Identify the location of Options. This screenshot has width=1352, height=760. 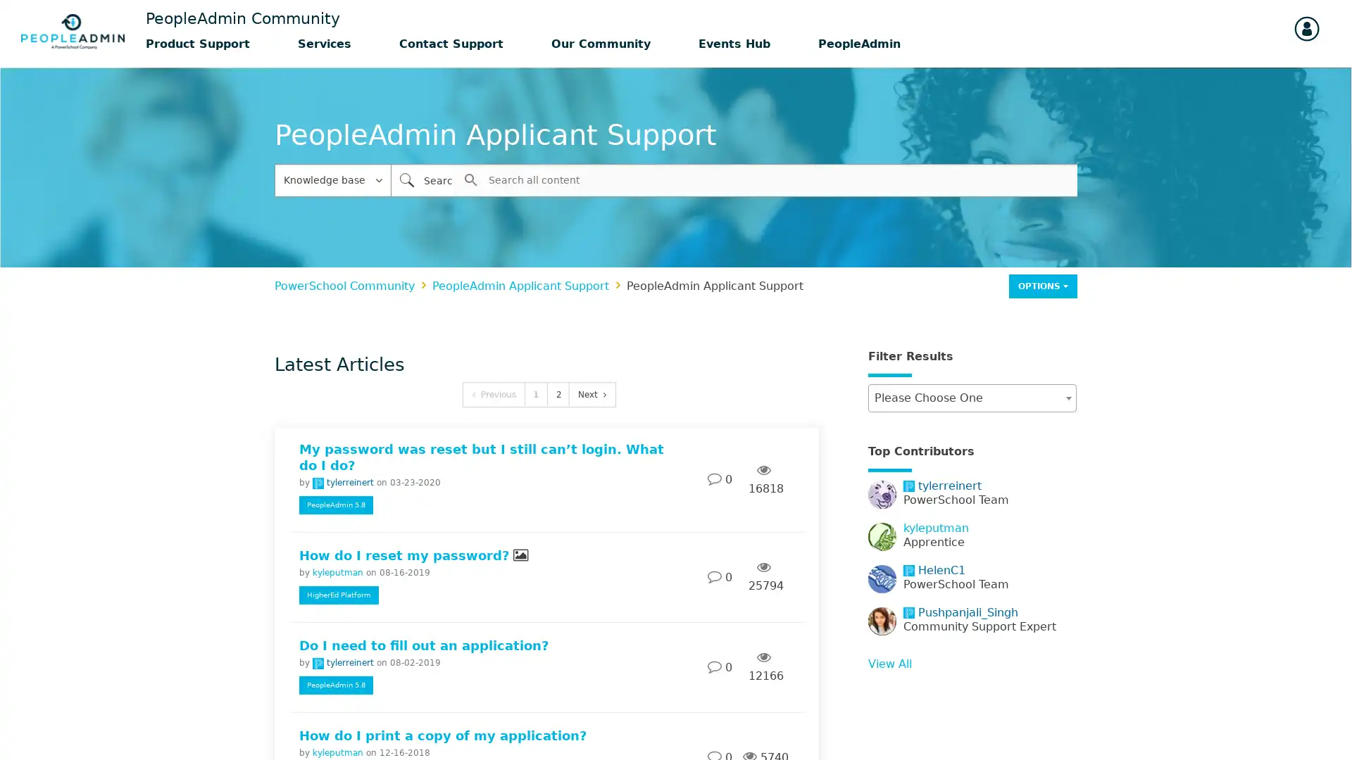
(1043, 285).